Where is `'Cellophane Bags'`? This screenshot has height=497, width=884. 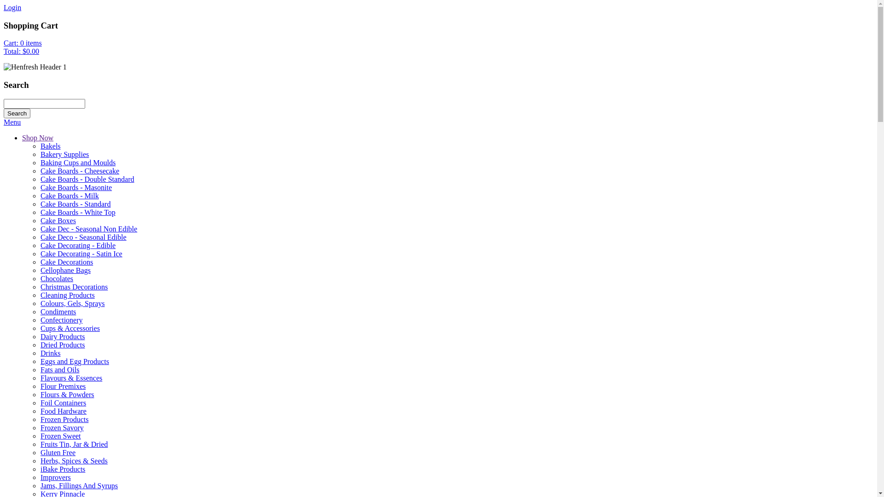
'Cellophane Bags' is located at coordinates (40, 270).